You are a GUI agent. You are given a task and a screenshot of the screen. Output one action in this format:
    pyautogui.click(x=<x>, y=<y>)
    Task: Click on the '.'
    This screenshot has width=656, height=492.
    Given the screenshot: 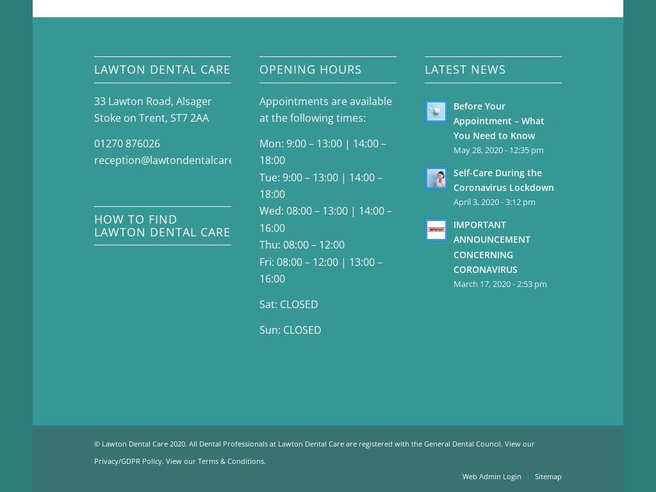 What is the action you would take?
    pyautogui.click(x=264, y=459)
    